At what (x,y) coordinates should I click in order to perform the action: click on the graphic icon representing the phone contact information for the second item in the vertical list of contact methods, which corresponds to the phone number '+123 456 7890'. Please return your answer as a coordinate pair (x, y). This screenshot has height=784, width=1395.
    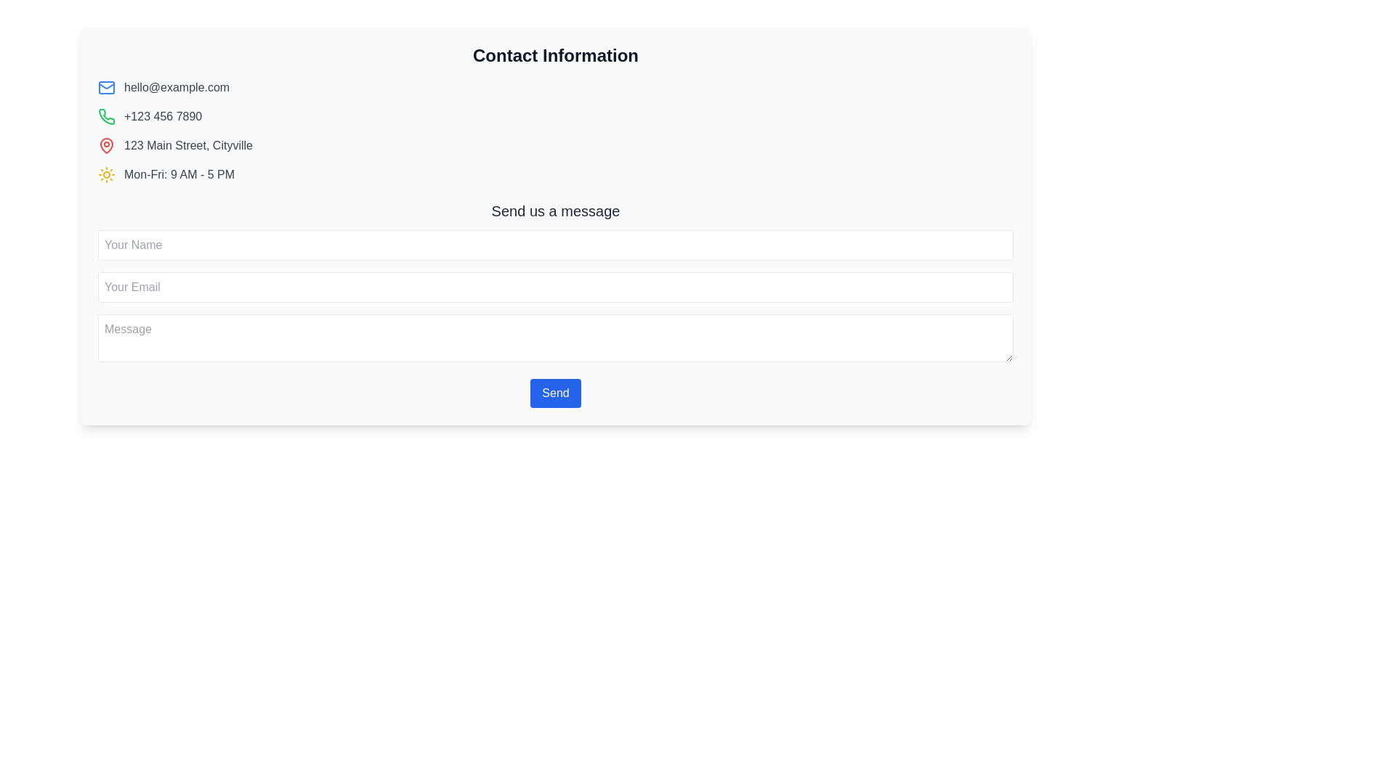
    Looking at the image, I should click on (106, 115).